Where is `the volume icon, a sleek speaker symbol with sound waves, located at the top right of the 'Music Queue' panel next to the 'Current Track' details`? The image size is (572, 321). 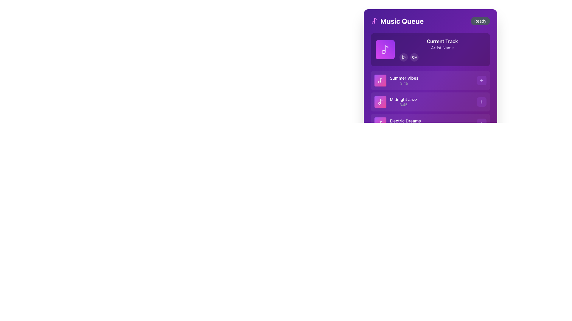
the volume icon, a sleek speaker symbol with sound waves, located at the top right of the 'Music Queue' panel next to the 'Current Track' details is located at coordinates (414, 57).